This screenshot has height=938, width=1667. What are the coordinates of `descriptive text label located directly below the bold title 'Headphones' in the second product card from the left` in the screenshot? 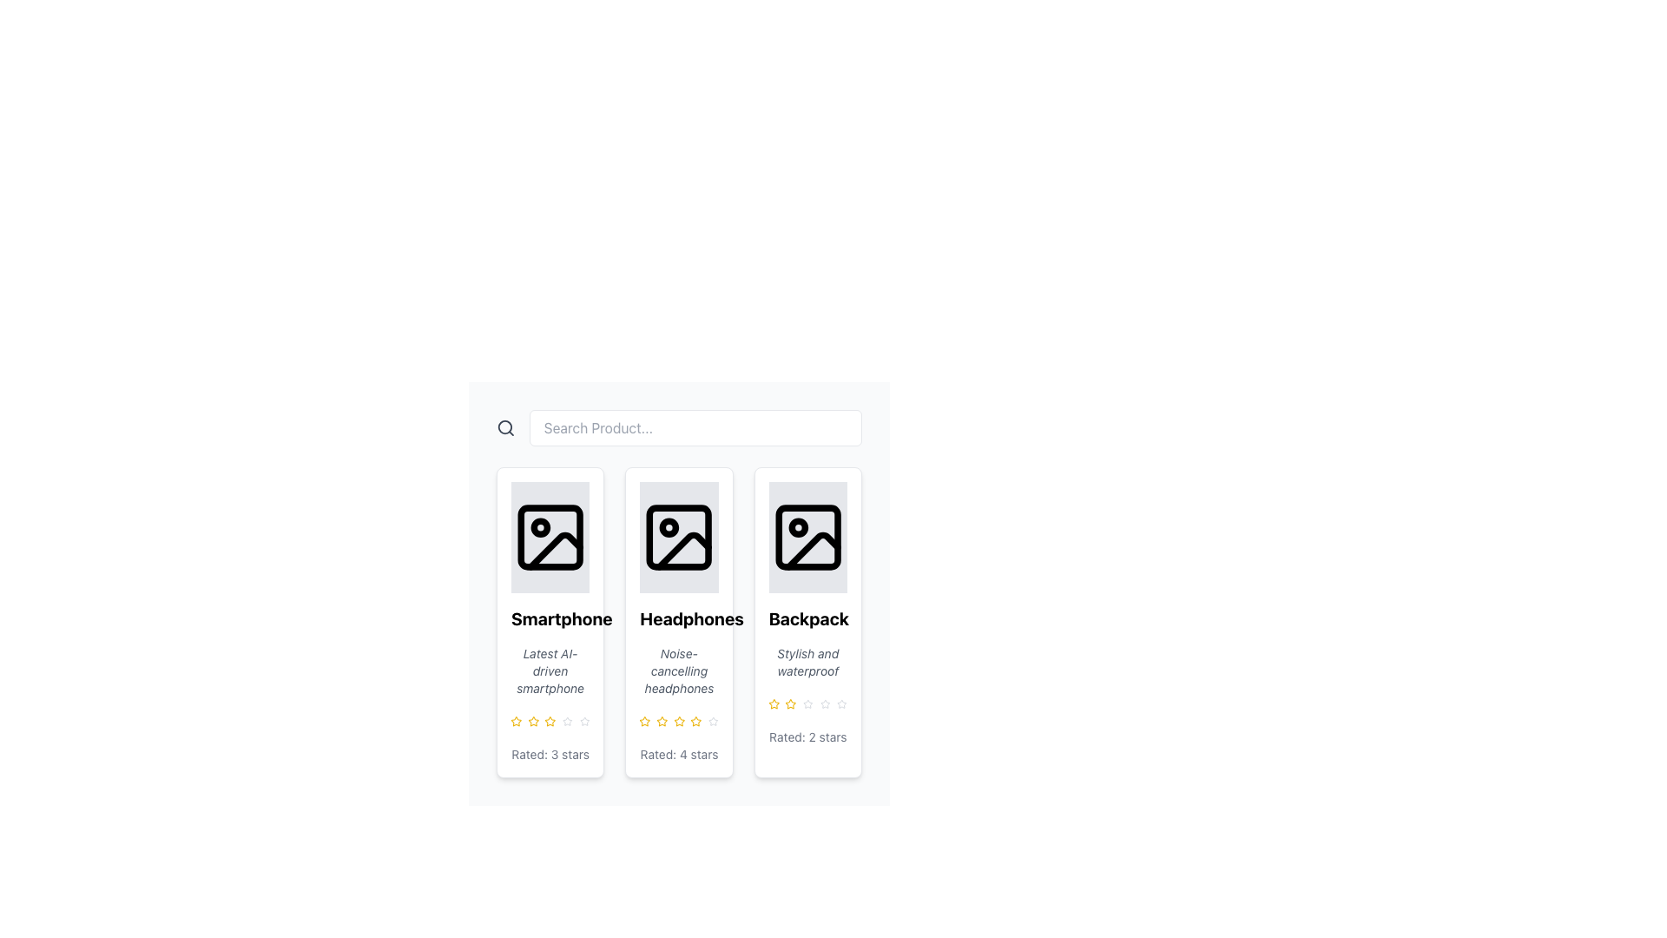 It's located at (678, 670).